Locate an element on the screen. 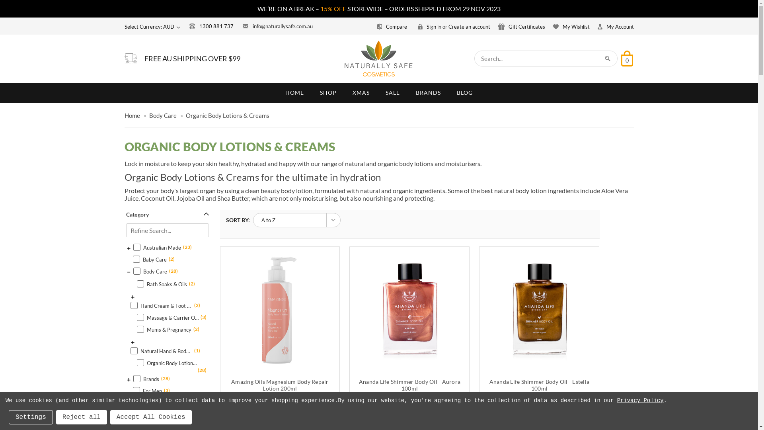 This screenshot has width=764, height=430. 'Gift Certificates' is located at coordinates (521, 26).